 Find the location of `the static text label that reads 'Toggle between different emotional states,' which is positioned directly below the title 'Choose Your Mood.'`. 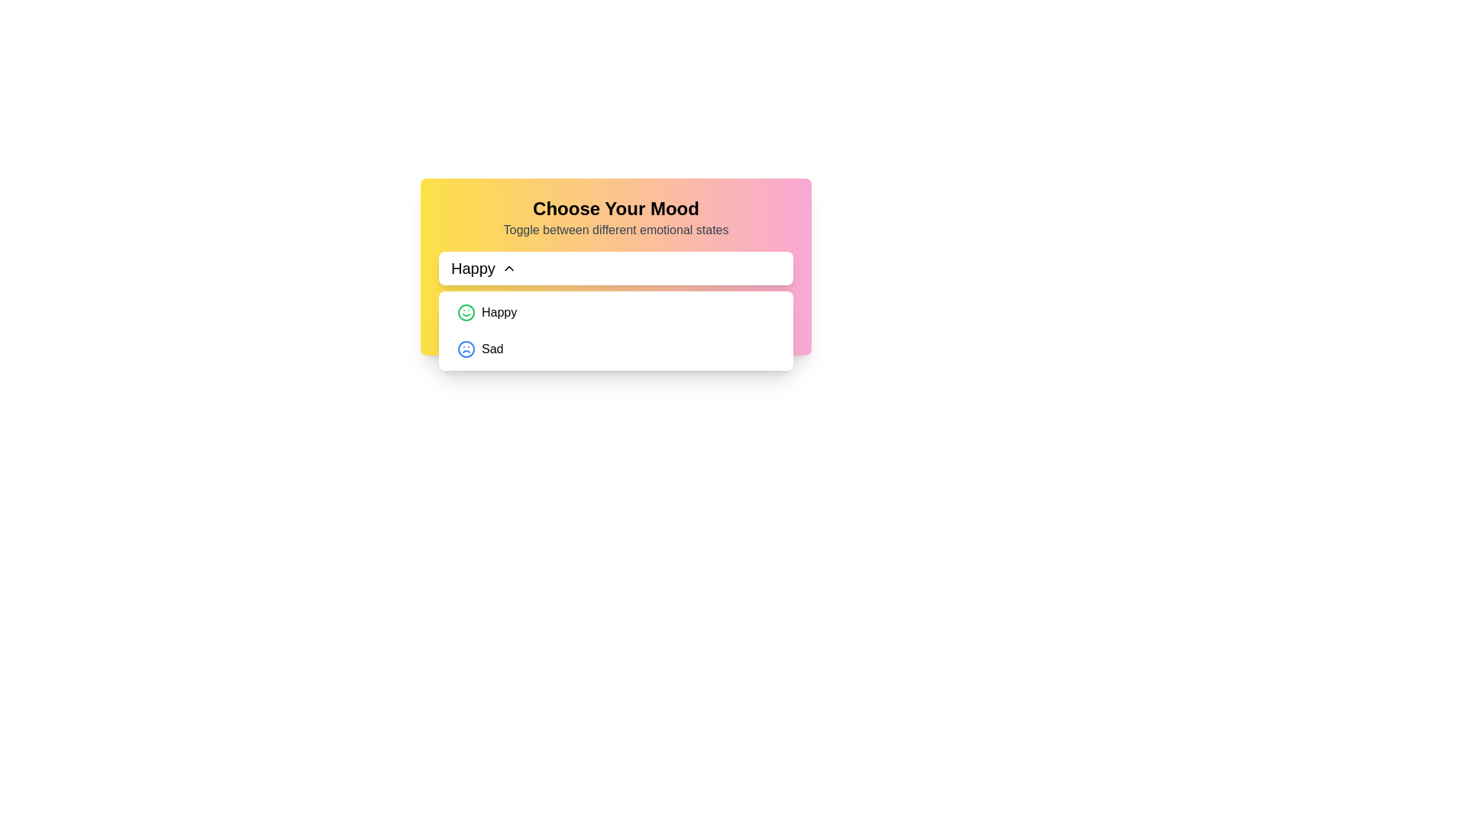

the static text label that reads 'Toggle between different emotional states,' which is positioned directly below the title 'Choose Your Mood.' is located at coordinates (615, 230).